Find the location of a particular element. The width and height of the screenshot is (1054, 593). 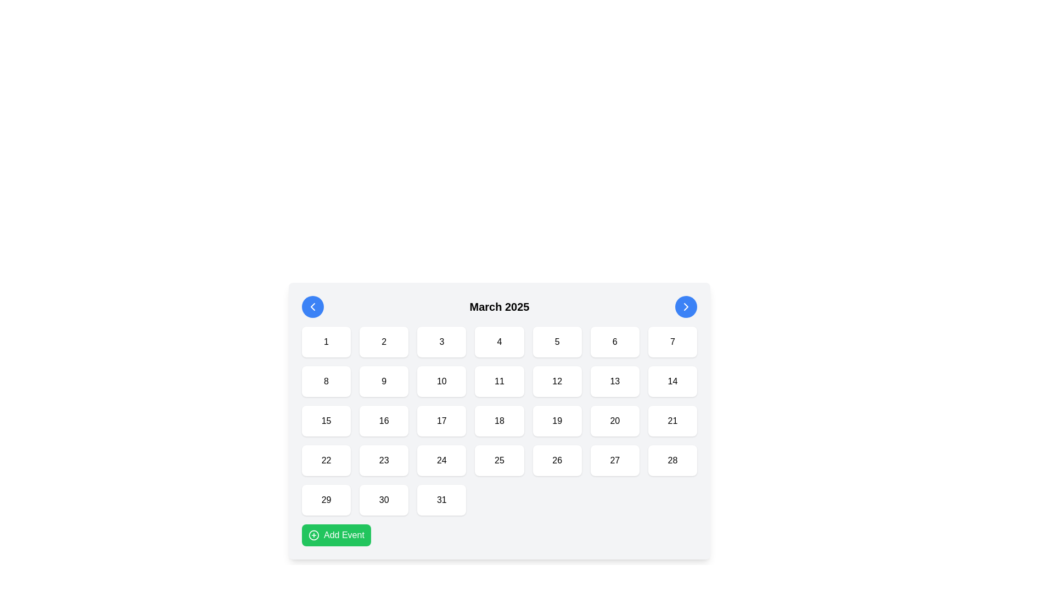

a specific day in the calendar grid view that is centrally placed beneath the month header and surrounded by navigational controls is located at coordinates (499, 421).